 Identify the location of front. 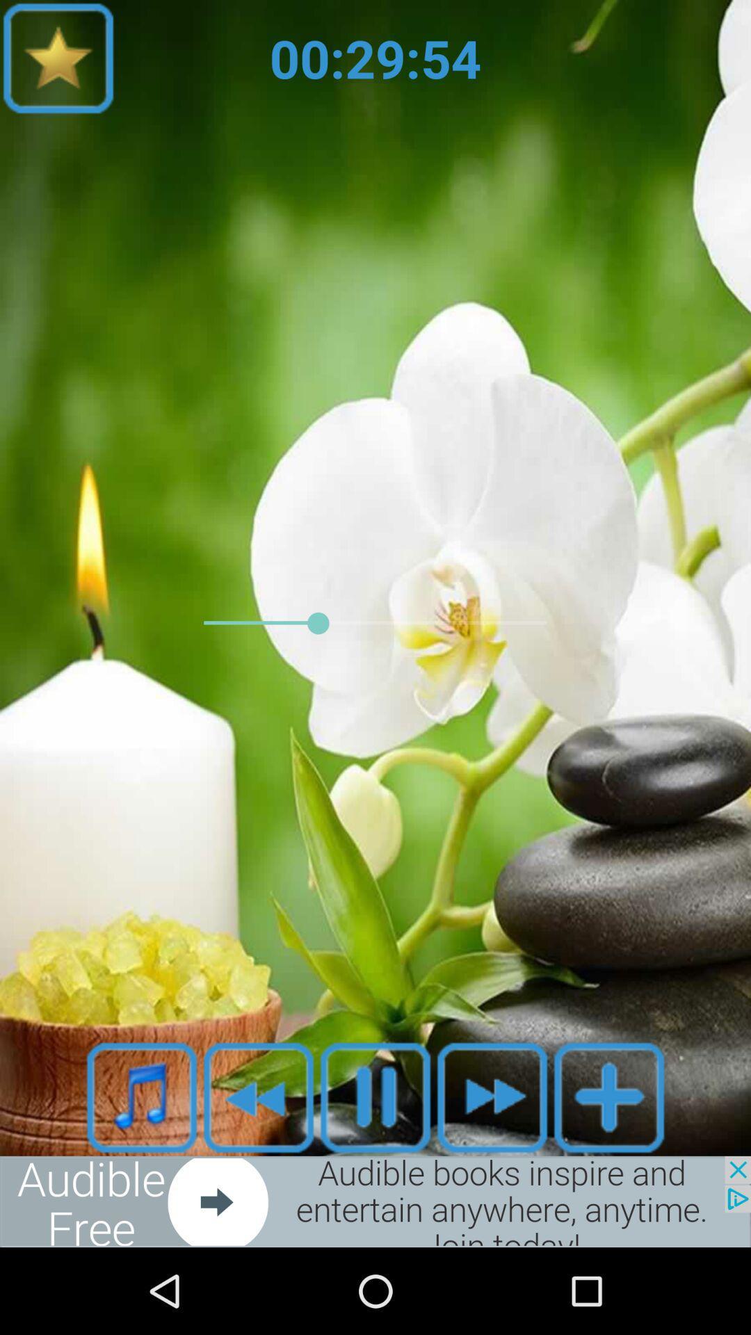
(492, 1097).